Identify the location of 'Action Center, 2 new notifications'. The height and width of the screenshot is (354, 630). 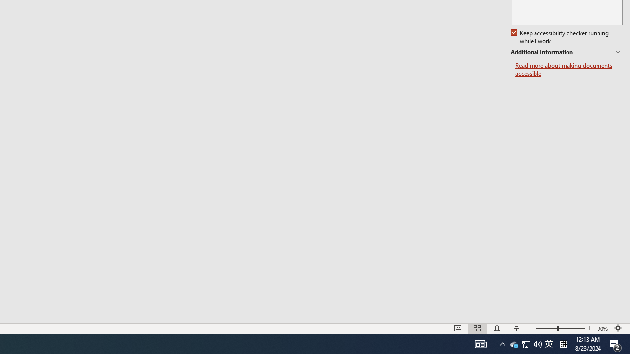
(615, 343).